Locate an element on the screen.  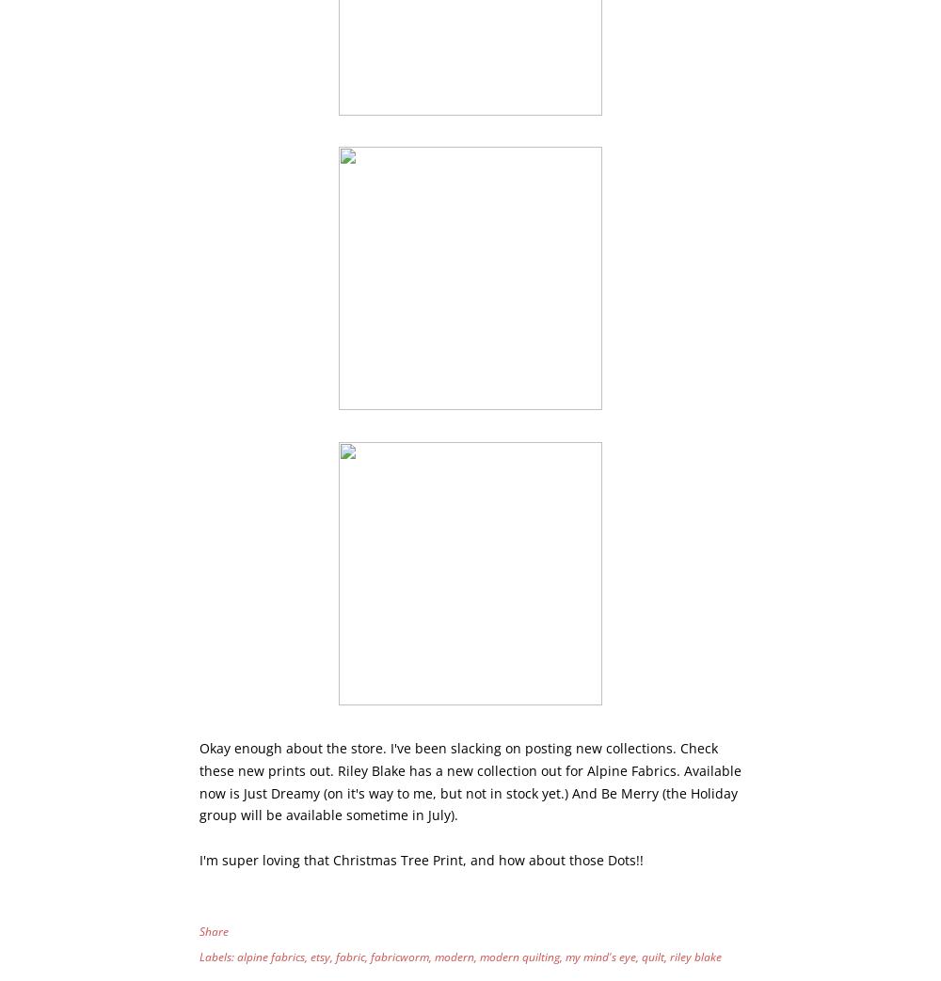
'etsy' is located at coordinates (319, 957).